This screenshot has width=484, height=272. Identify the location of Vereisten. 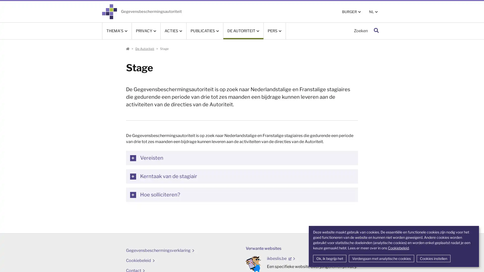
(241, 158).